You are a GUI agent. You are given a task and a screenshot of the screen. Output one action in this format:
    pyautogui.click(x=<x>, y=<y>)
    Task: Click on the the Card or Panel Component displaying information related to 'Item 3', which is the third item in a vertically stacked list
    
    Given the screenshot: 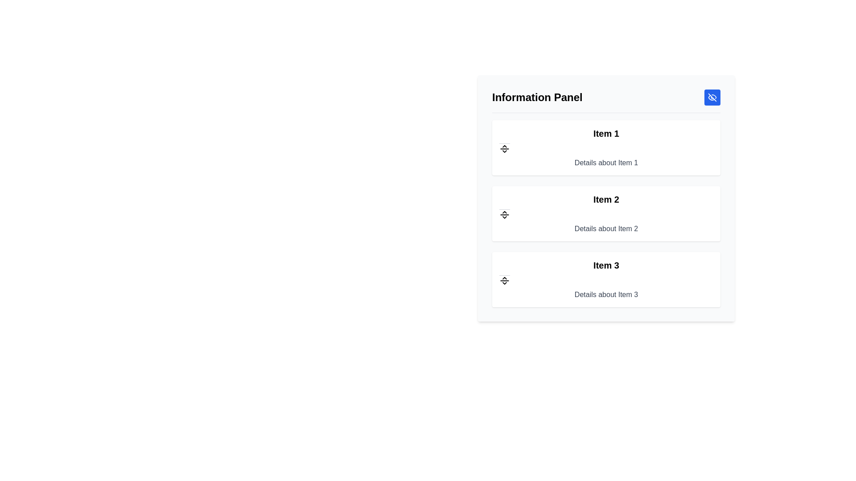 What is the action you would take?
    pyautogui.click(x=606, y=279)
    